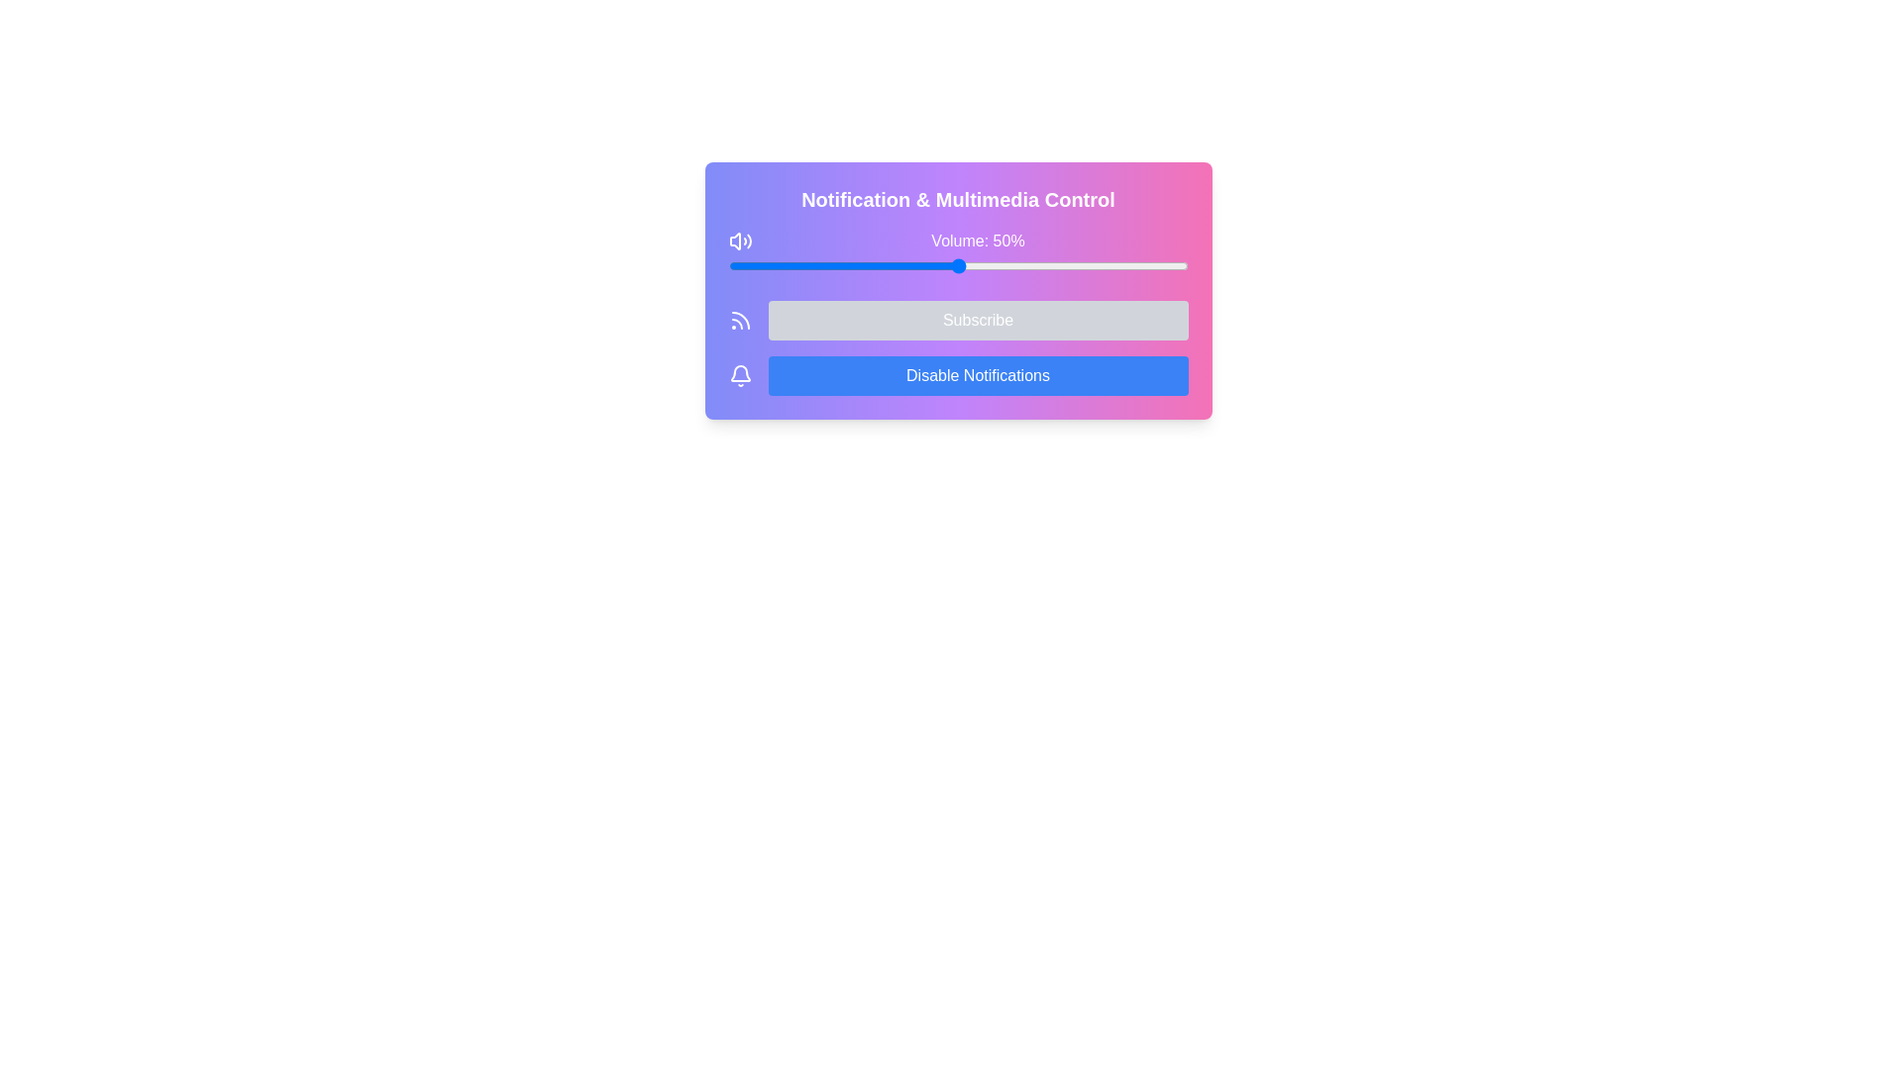 The height and width of the screenshot is (1069, 1902). I want to click on the volume slider, so click(1058, 265).